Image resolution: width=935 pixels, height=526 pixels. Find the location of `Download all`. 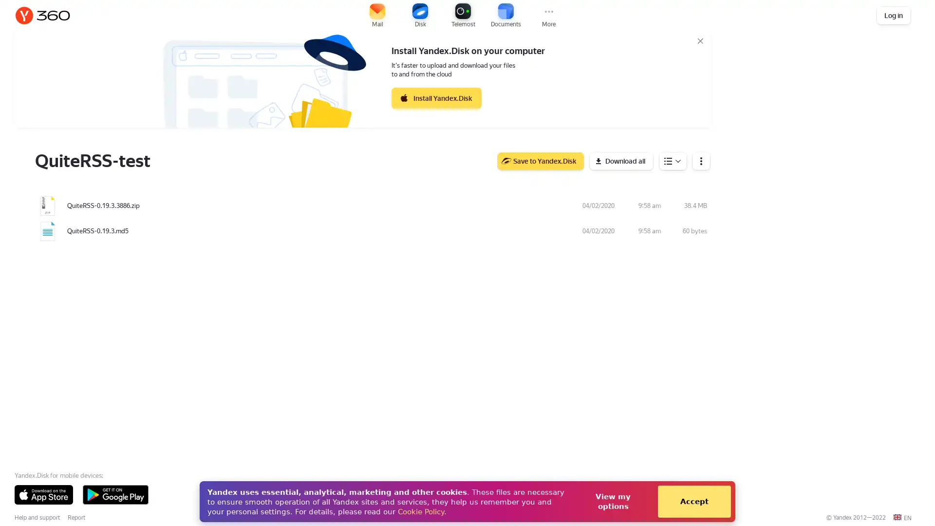

Download all is located at coordinates (621, 161).